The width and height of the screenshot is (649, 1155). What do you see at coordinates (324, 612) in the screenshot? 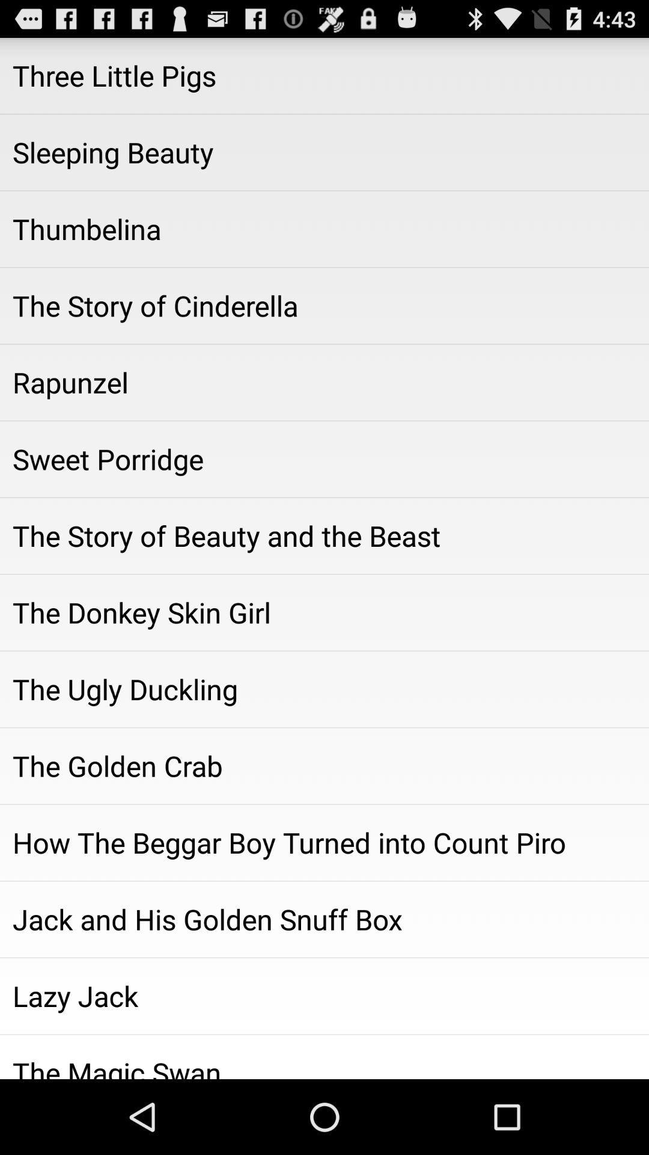
I see `icon above the ugly duckling` at bounding box center [324, 612].